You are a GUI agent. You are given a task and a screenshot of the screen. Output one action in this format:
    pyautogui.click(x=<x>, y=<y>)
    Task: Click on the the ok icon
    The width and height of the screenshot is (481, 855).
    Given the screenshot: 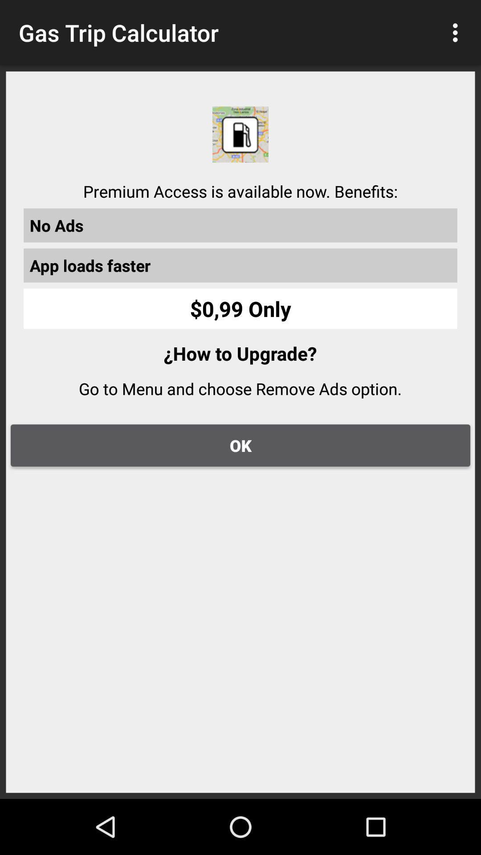 What is the action you would take?
    pyautogui.click(x=240, y=445)
    